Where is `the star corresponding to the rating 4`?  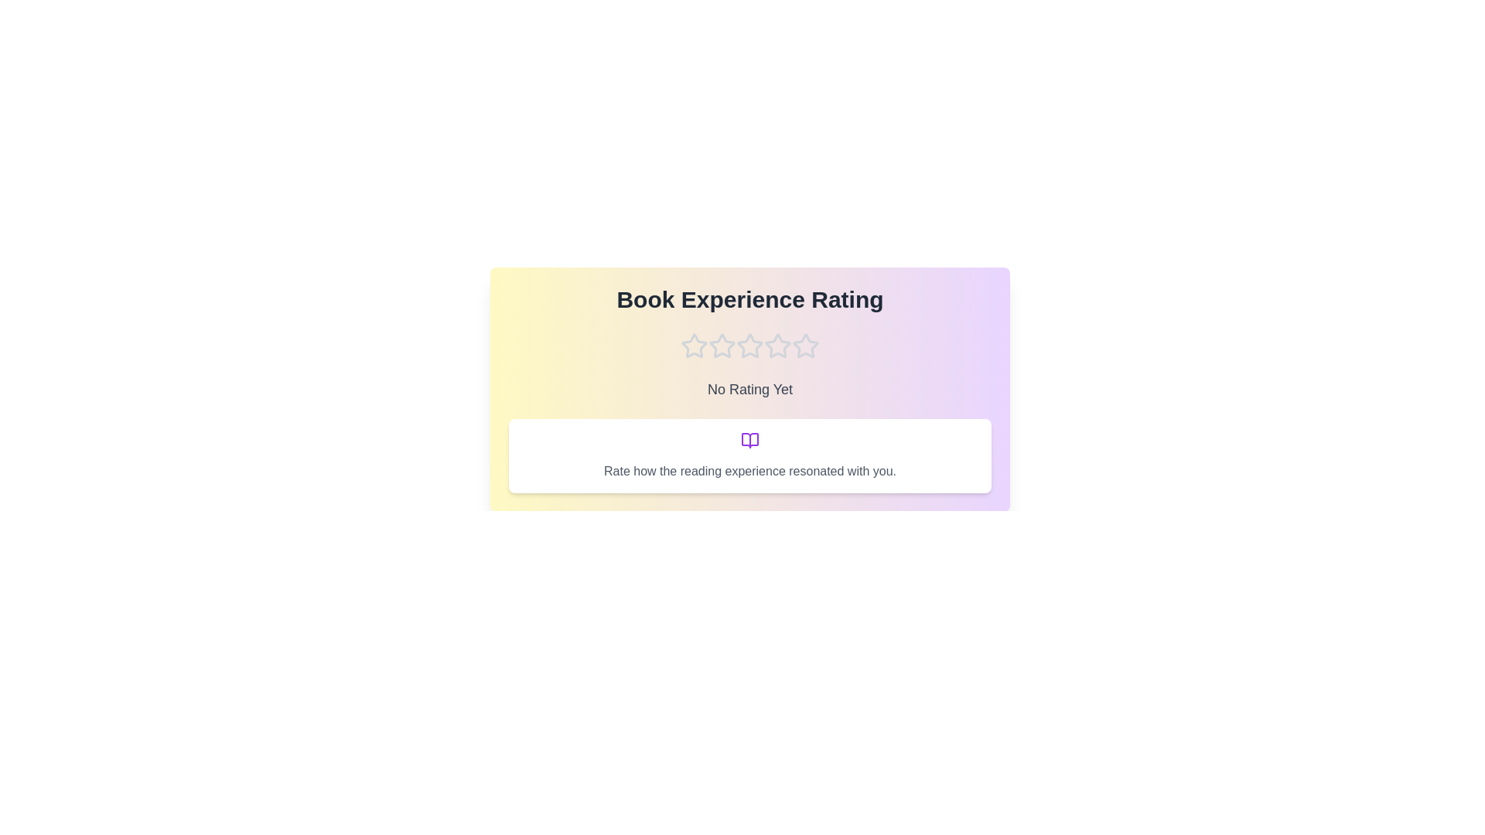 the star corresponding to the rating 4 is located at coordinates (778, 345).